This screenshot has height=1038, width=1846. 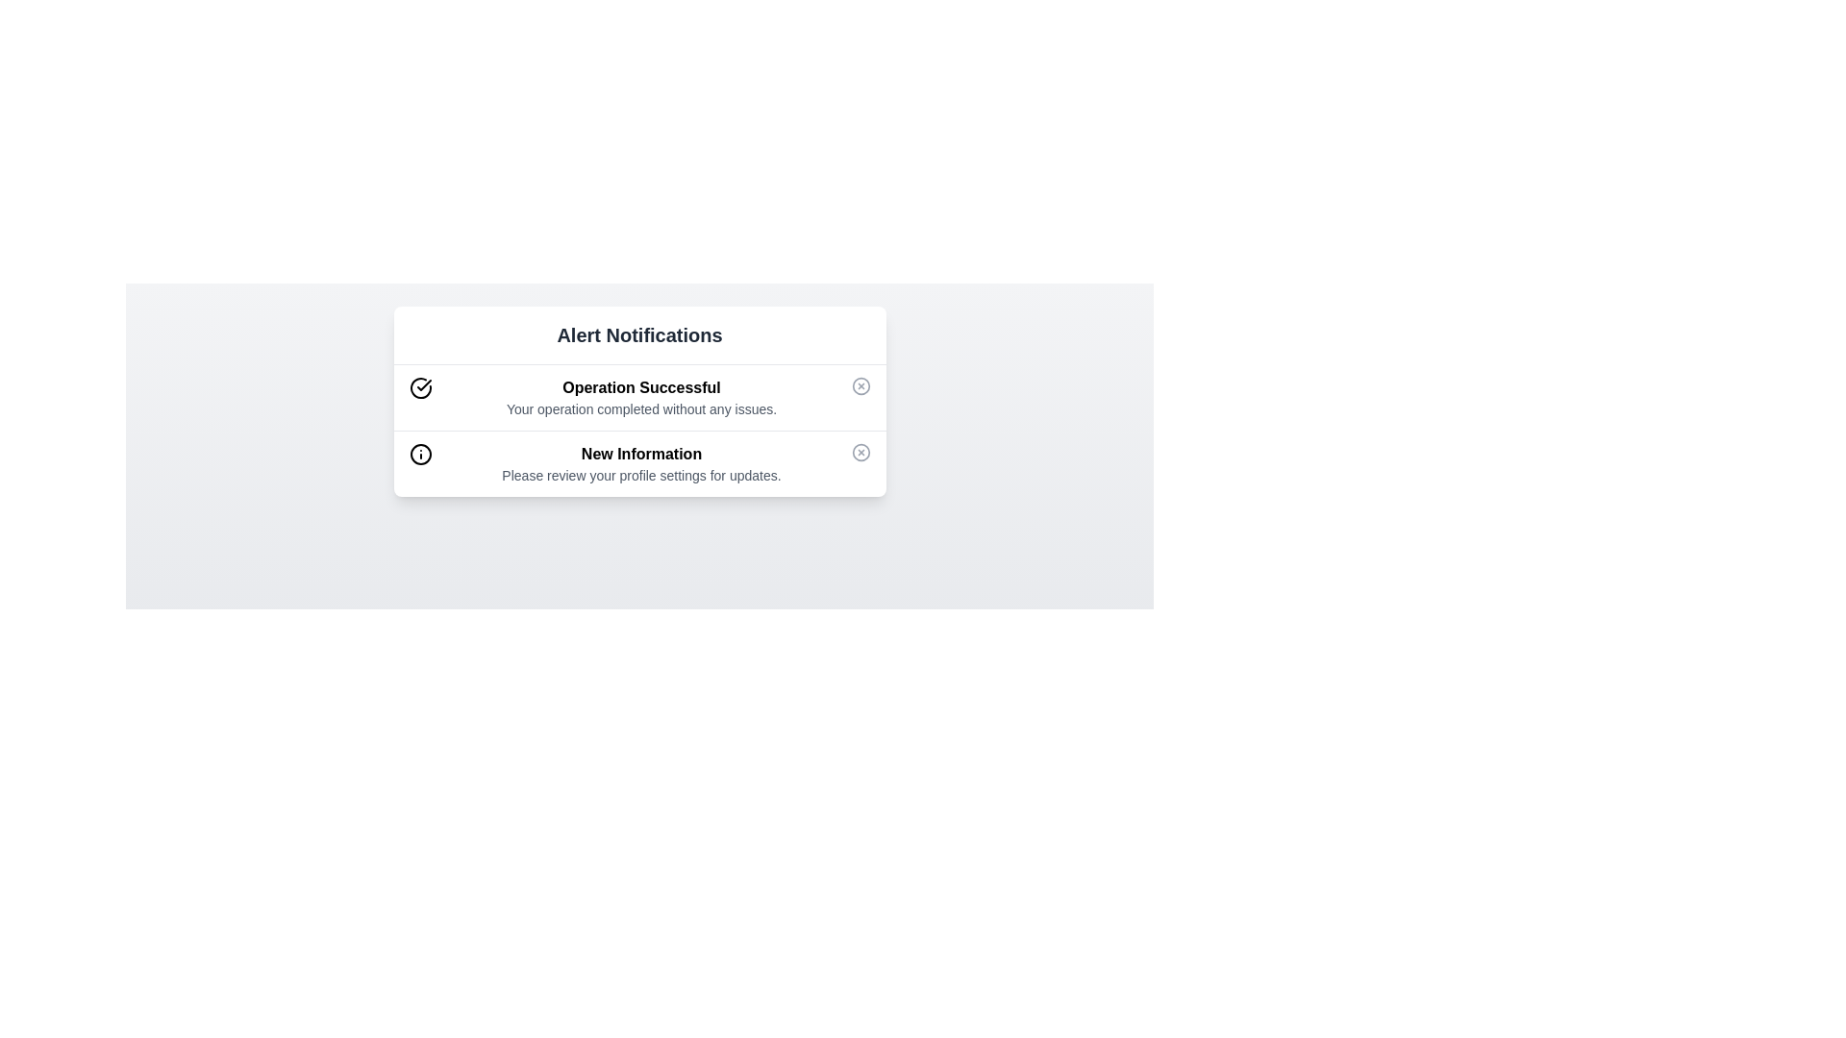 What do you see at coordinates (419, 388) in the screenshot?
I see `the visual confirmation icon located at the top-left corner of the notification card that announces 'Operation Successful'` at bounding box center [419, 388].